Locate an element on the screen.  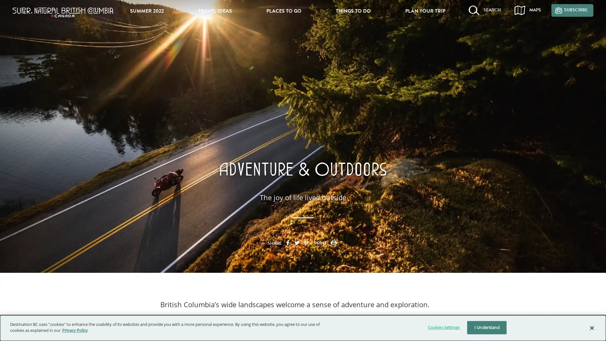
Cookies Settings is located at coordinates (442, 327).